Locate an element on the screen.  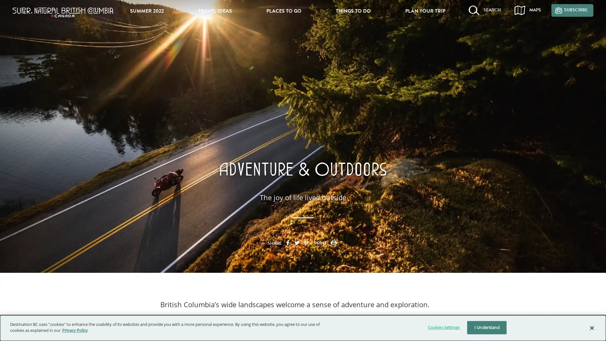
Cookies Settings is located at coordinates (442, 327).